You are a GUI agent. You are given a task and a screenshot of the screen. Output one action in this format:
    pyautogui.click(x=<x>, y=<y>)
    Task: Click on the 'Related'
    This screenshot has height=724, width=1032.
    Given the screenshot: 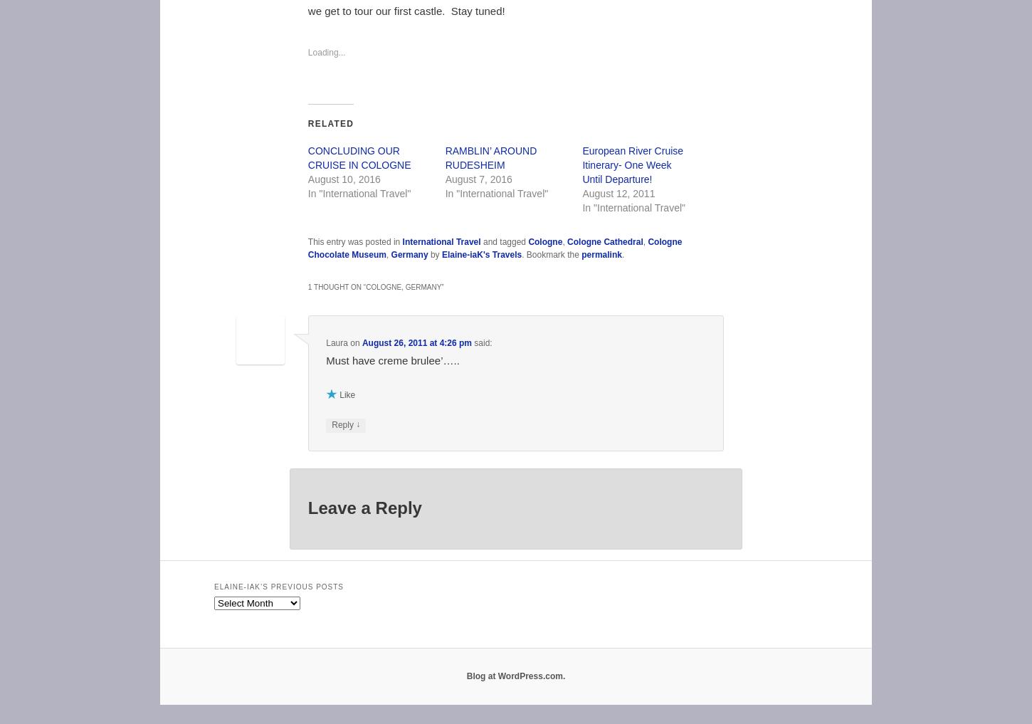 What is the action you would take?
    pyautogui.click(x=330, y=122)
    